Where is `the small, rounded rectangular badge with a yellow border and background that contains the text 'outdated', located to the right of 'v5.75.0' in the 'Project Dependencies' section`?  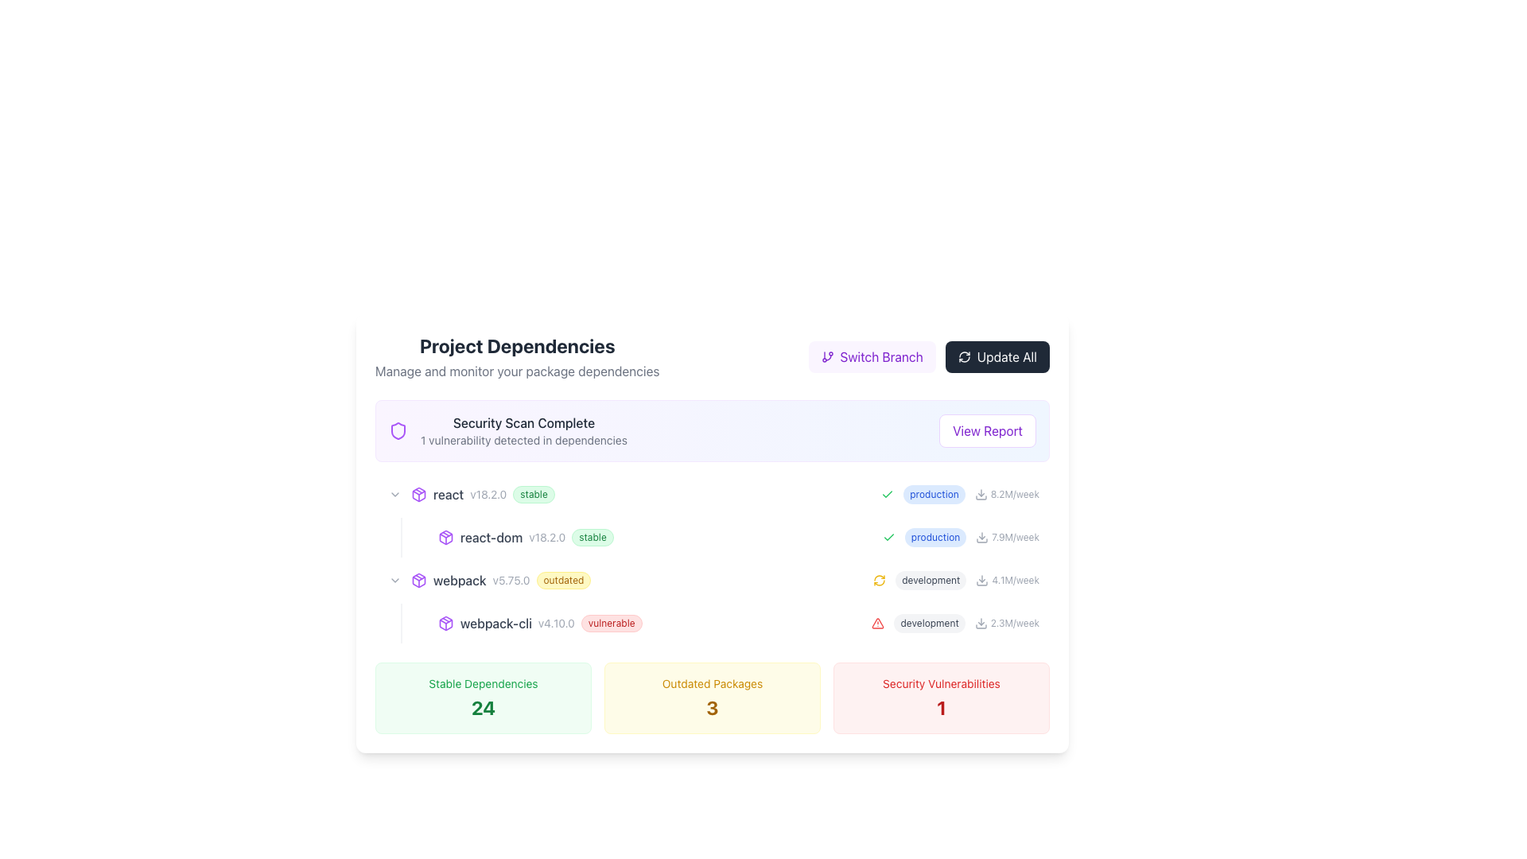 the small, rounded rectangular badge with a yellow border and background that contains the text 'outdated', located to the right of 'v5.75.0' in the 'Project Dependencies' section is located at coordinates (563, 580).